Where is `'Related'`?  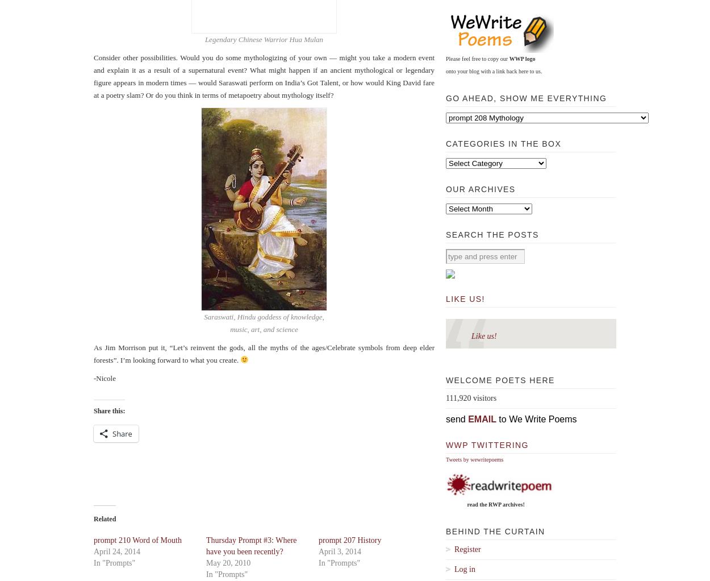 'Related' is located at coordinates (105, 518).